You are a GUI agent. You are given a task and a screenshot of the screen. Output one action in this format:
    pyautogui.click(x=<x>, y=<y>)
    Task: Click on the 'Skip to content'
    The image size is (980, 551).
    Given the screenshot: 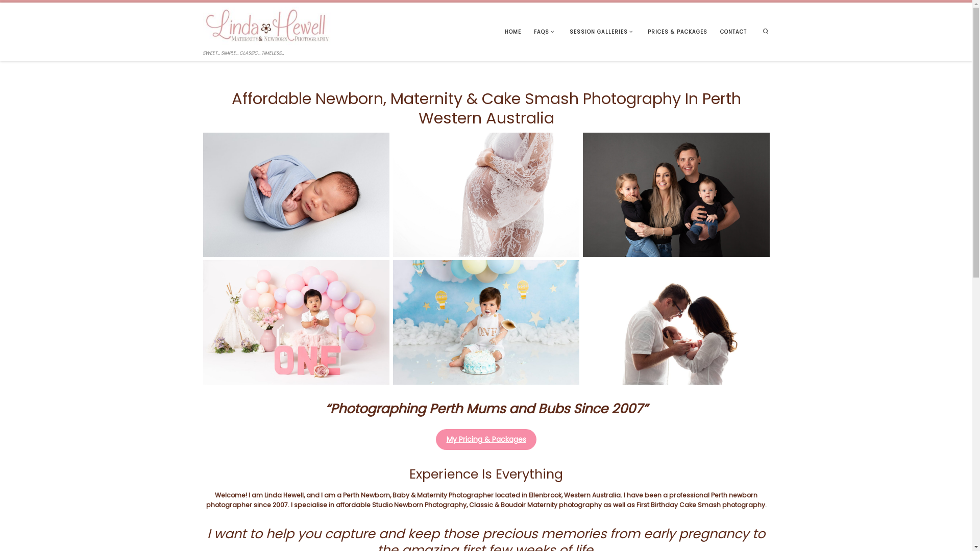 What is the action you would take?
    pyautogui.click(x=34, y=13)
    